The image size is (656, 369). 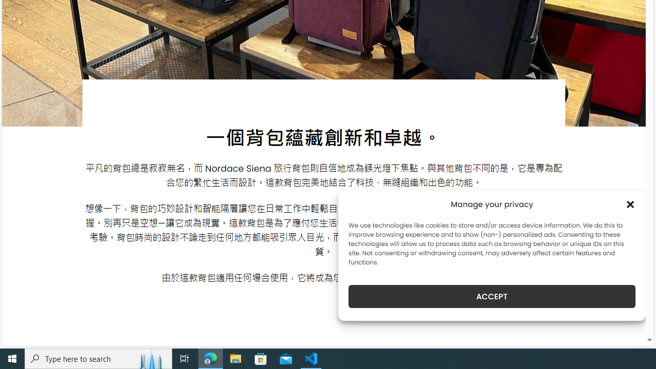 What do you see at coordinates (630, 204) in the screenshot?
I see `'Class: cmplz-close'` at bounding box center [630, 204].